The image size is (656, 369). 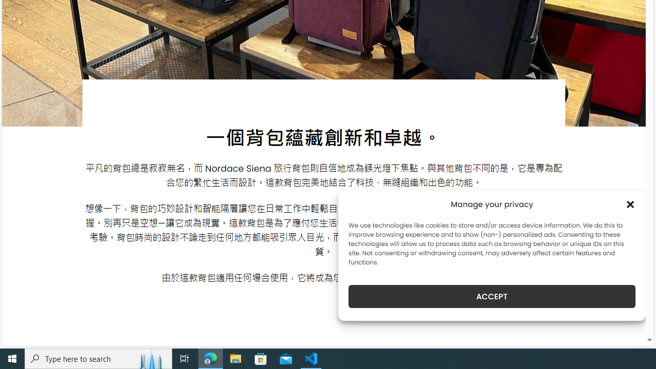 What do you see at coordinates (630, 204) in the screenshot?
I see `'Class: cmplz-close'` at bounding box center [630, 204].